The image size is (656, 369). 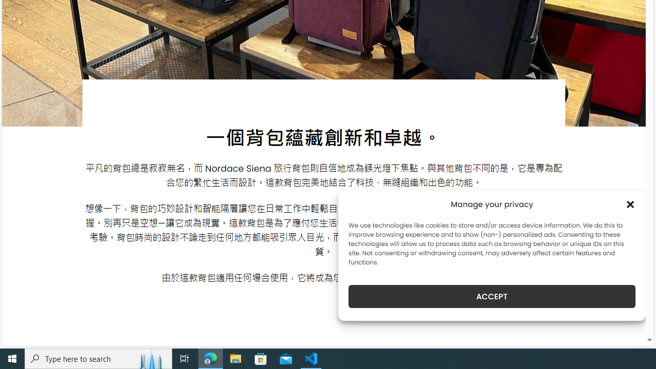 What do you see at coordinates (630, 204) in the screenshot?
I see `'Class: cmplz-close'` at bounding box center [630, 204].